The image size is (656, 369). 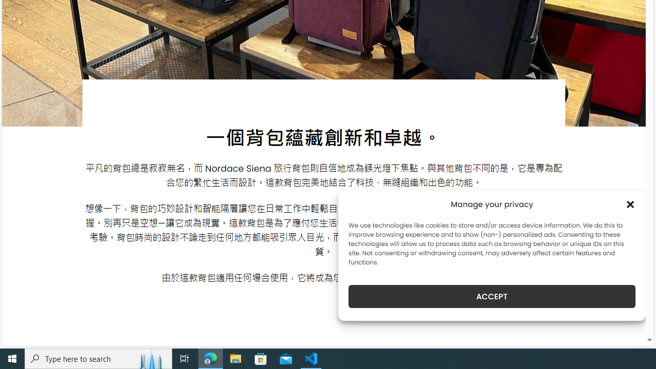 What do you see at coordinates (630, 204) in the screenshot?
I see `'Class: cmplz-close'` at bounding box center [630, 204].